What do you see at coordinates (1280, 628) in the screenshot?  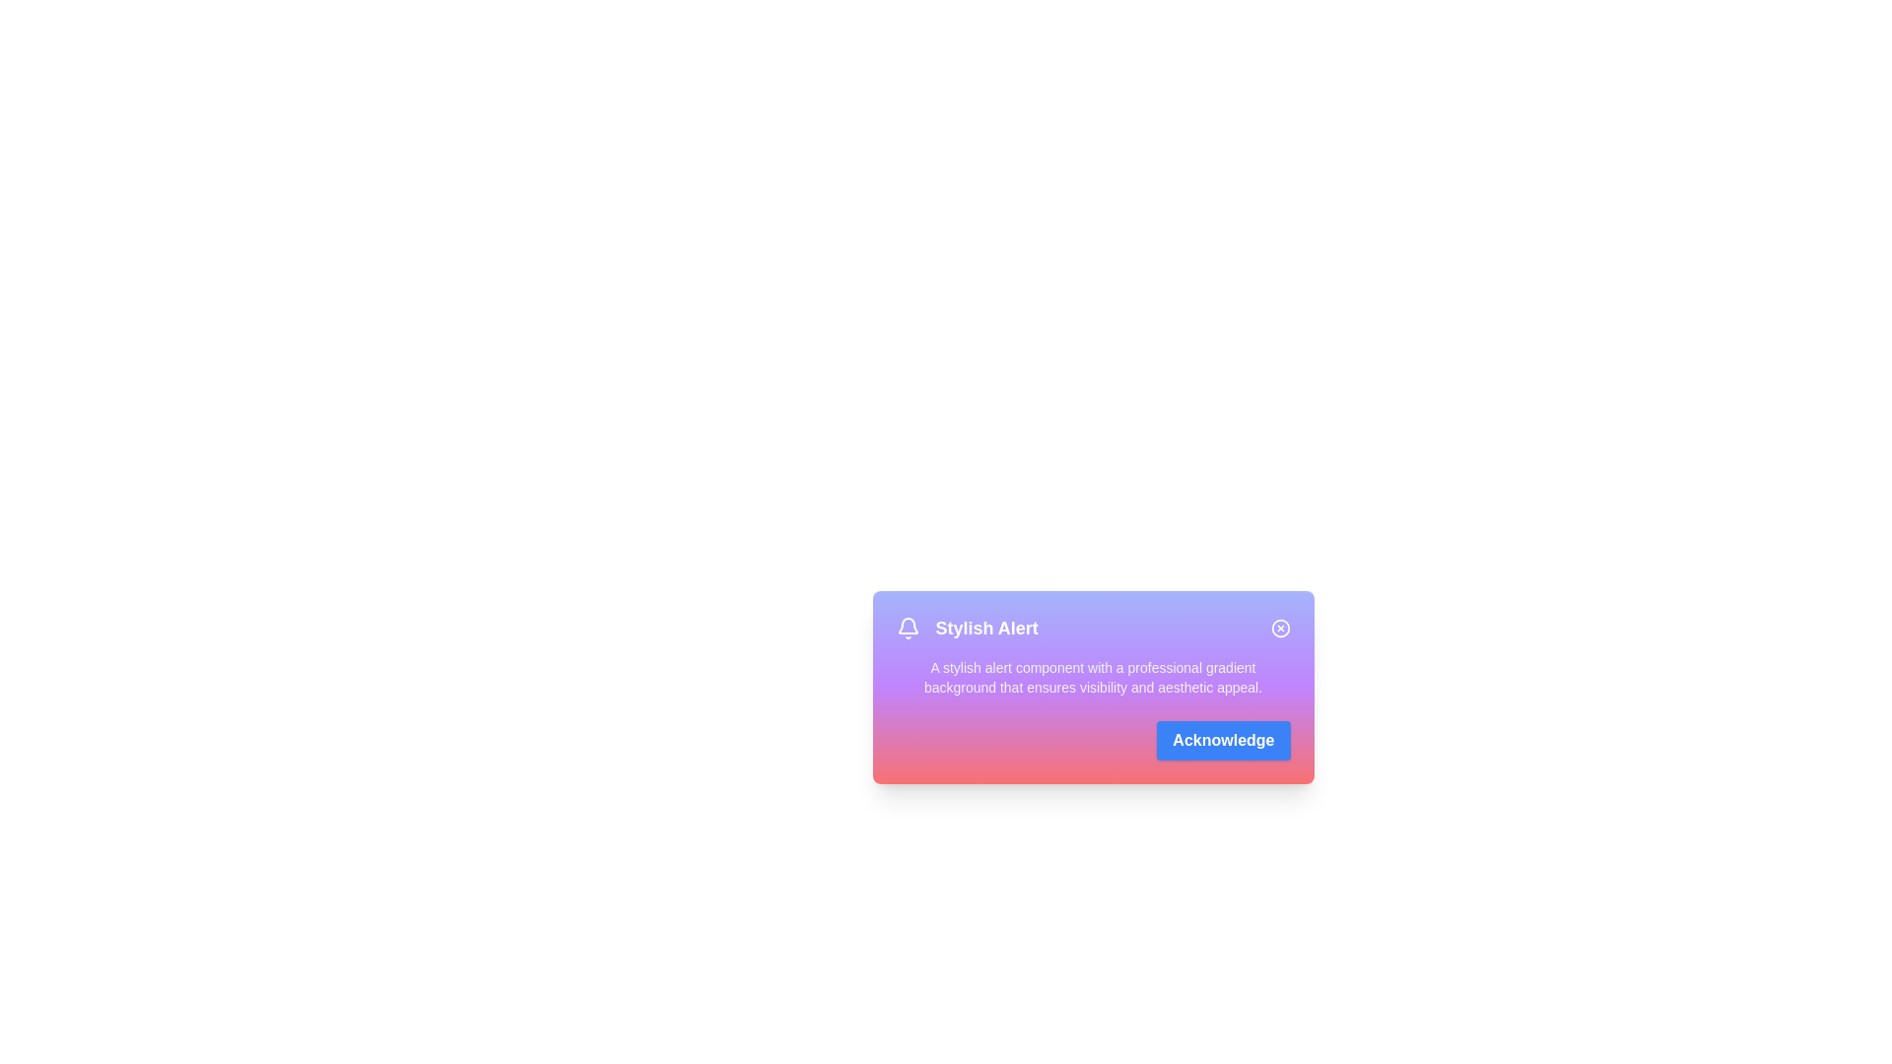 I see `the close button to dismiss the alert` at bounding box center [1280, 628].